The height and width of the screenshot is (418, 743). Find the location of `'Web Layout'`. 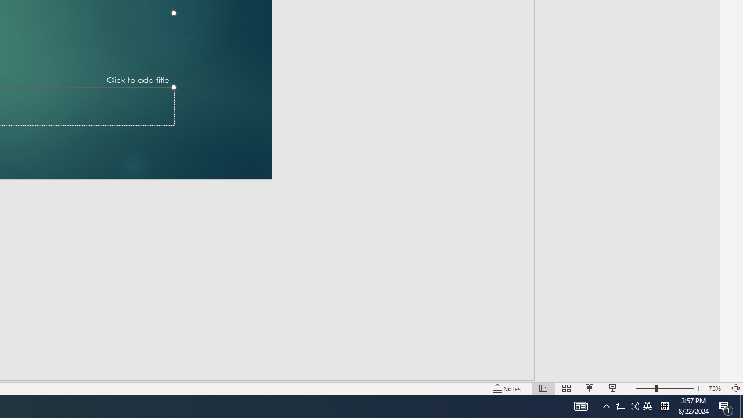

'Web Layout' is located at coordinates (571, 372).